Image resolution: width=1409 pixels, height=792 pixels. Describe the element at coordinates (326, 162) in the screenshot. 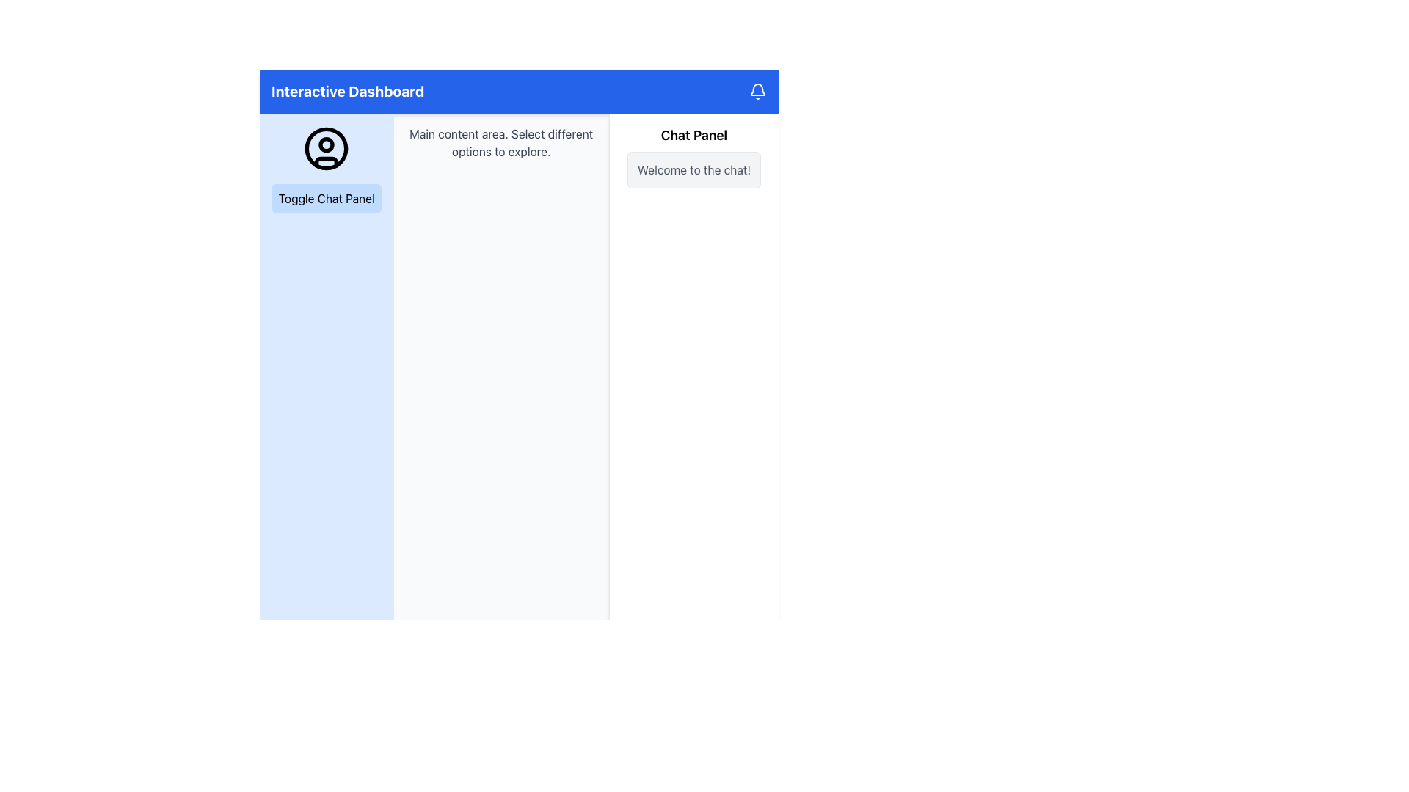

I see `the decorative graphical element that symbolizes a smile, located at the bottom of the user icon on the left side of the dashboard` at that location.